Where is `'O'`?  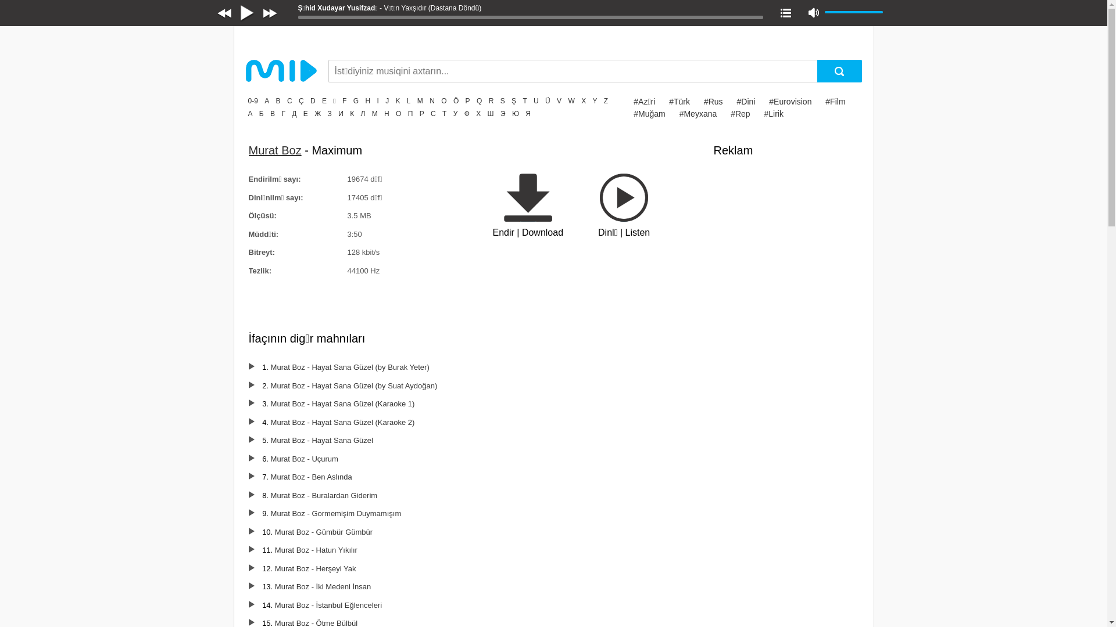 'O' is located at coordinates (443, 100).